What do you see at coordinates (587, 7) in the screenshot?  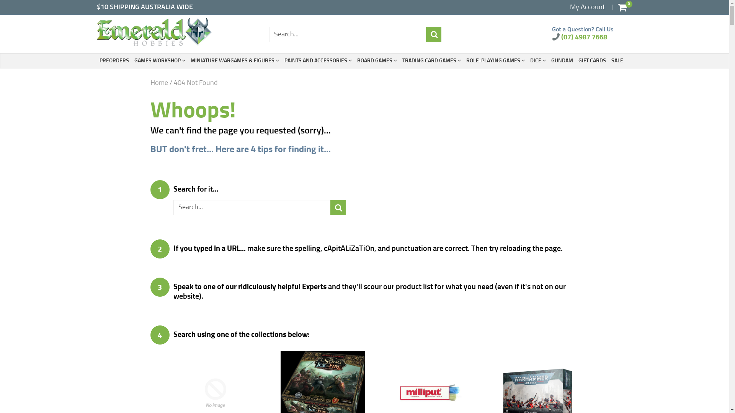 I see `'My Account'` at bounding box center [587, 7].